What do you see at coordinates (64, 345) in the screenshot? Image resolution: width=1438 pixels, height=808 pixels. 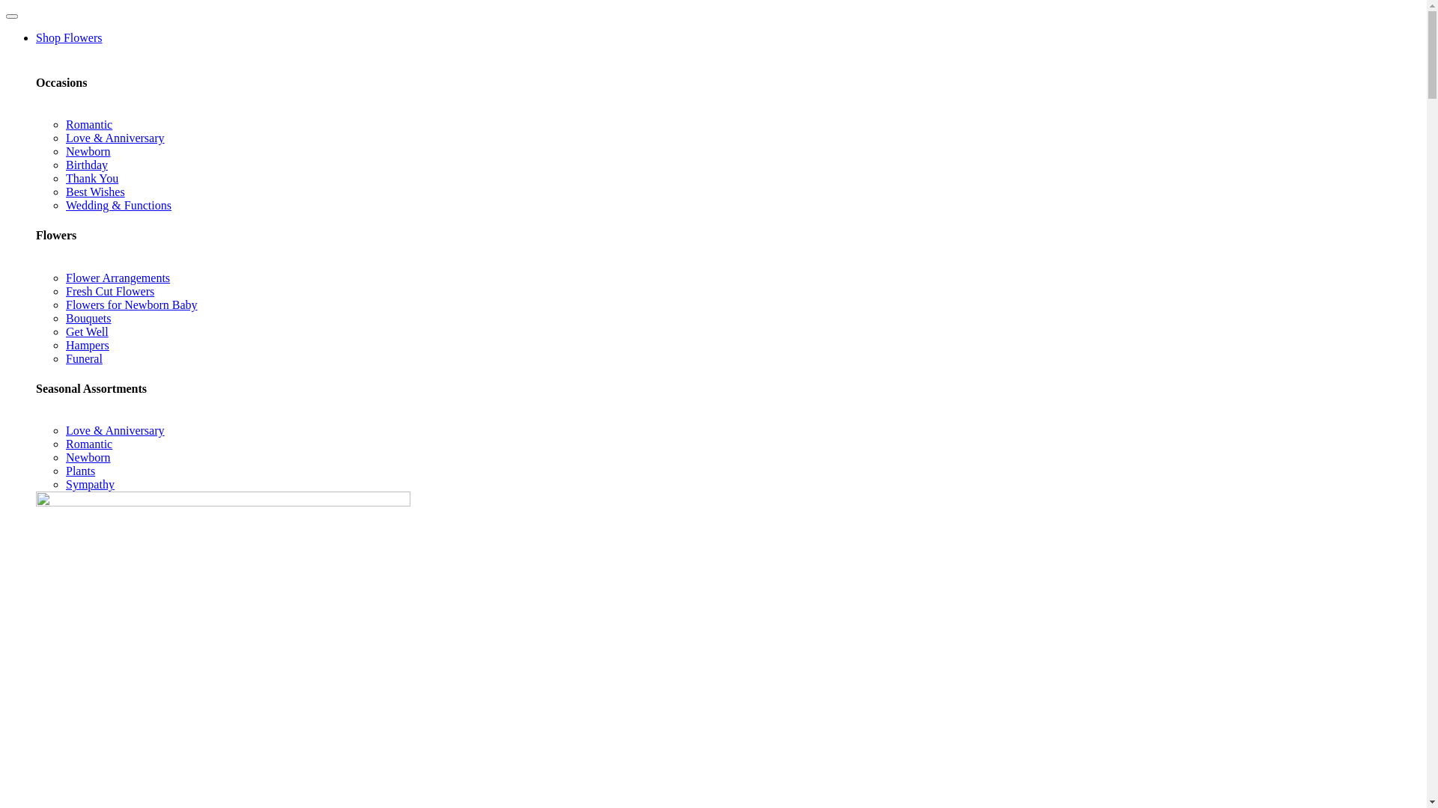 I see `'Hampers'` at bounding box center [64, 345].